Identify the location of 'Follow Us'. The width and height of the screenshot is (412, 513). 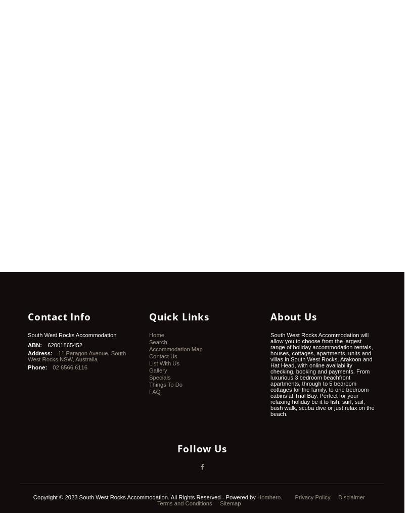
(201, 448).